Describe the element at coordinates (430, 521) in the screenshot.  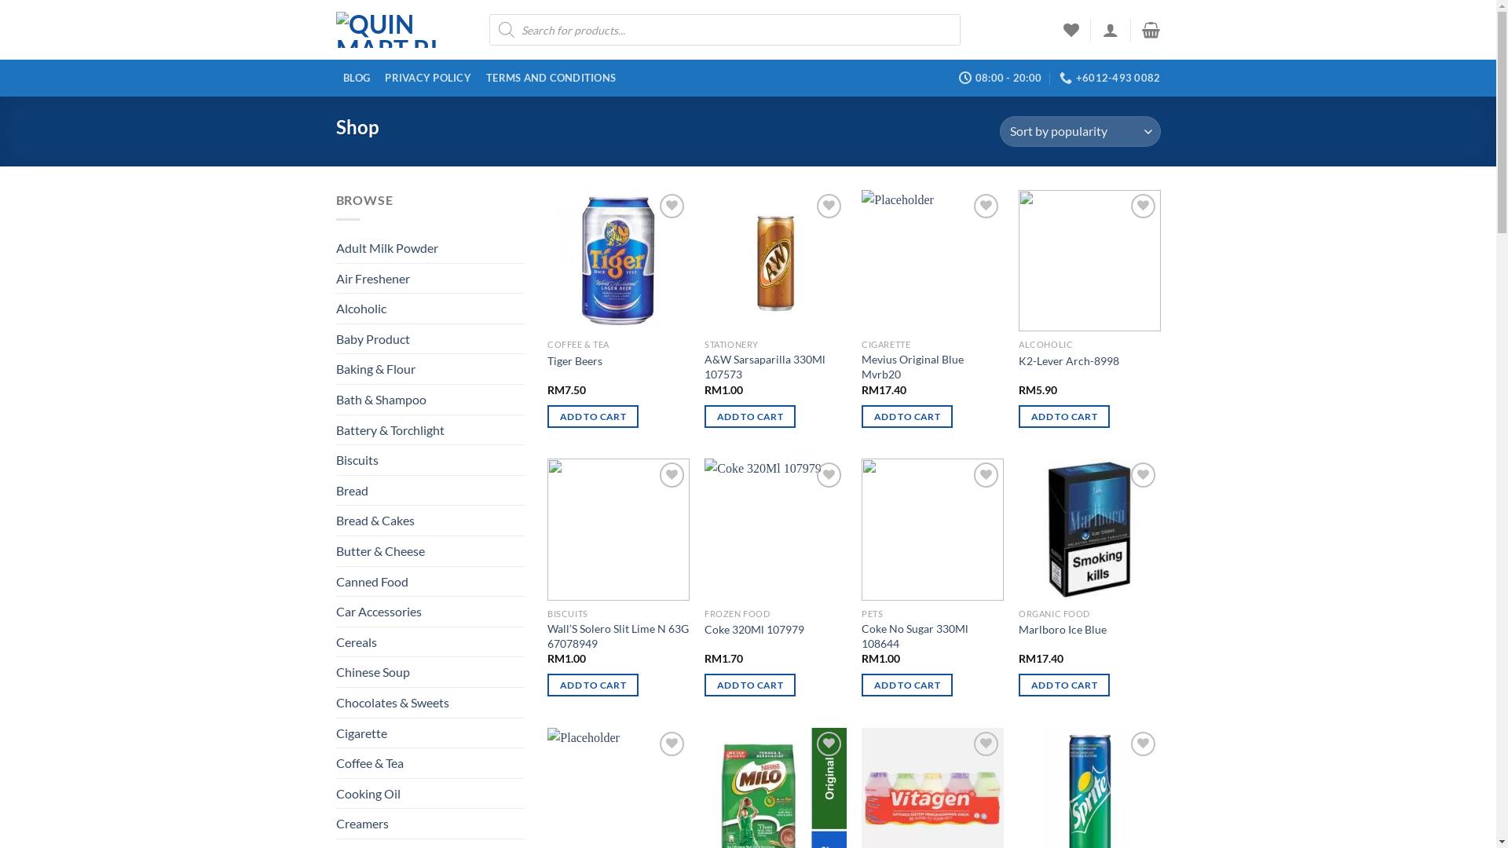
I see `'Bread & Cakes'` at that location.